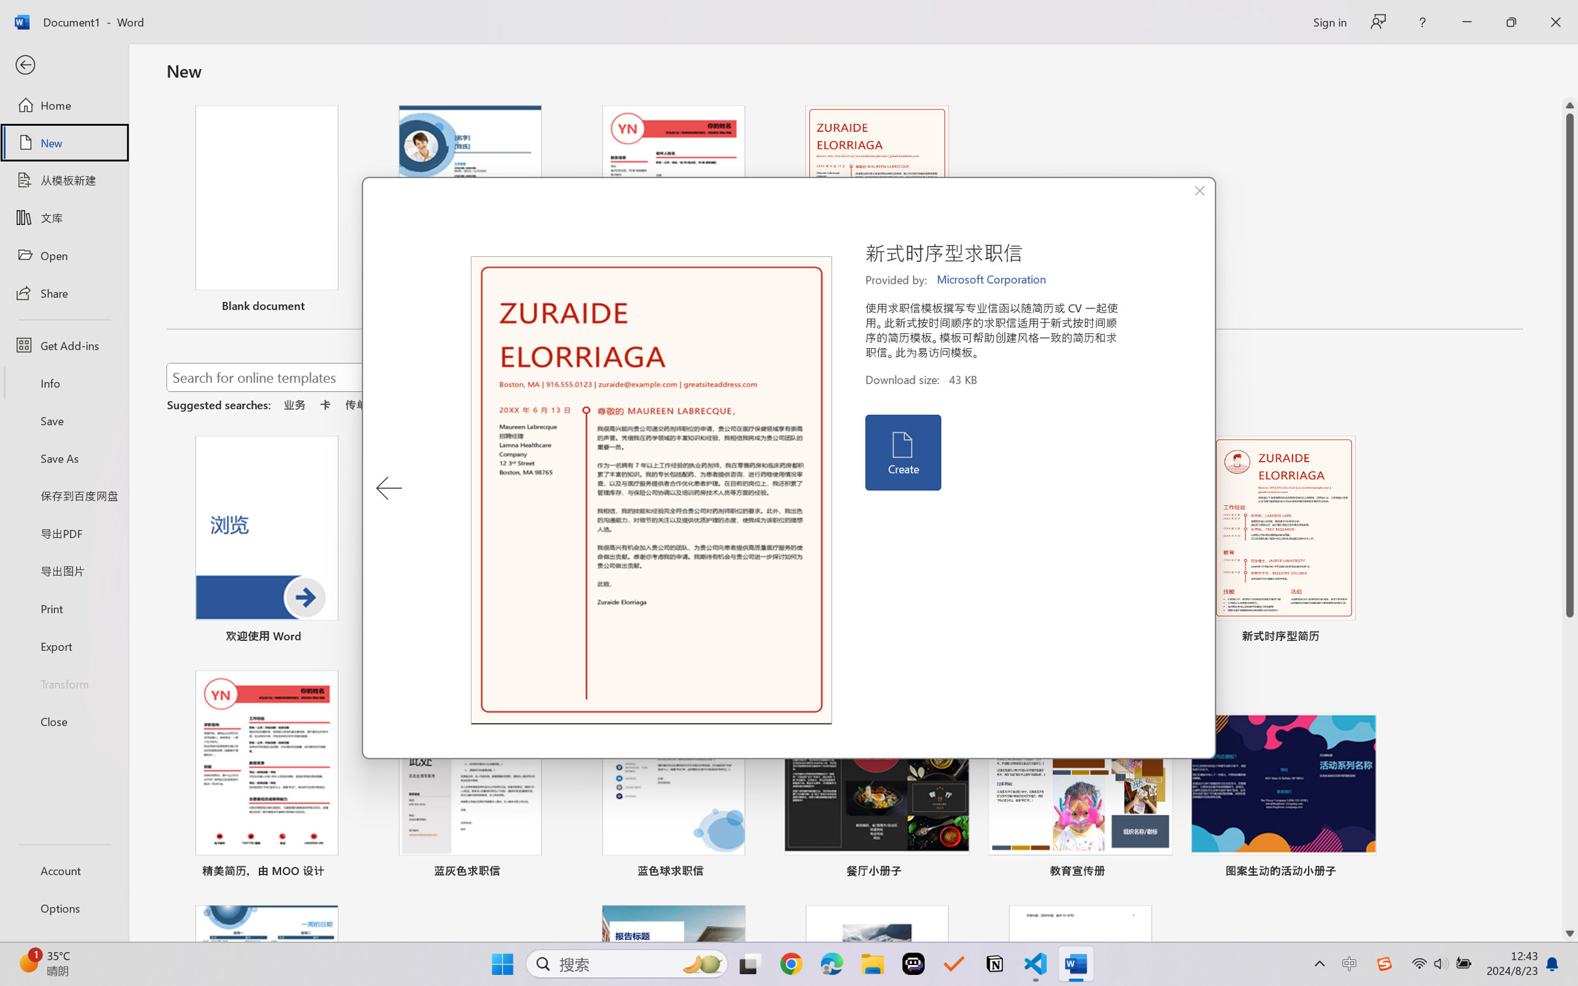 This screenshot has width=1578, height=986. I want to click on 'Pin to list', so click(1364, 872).